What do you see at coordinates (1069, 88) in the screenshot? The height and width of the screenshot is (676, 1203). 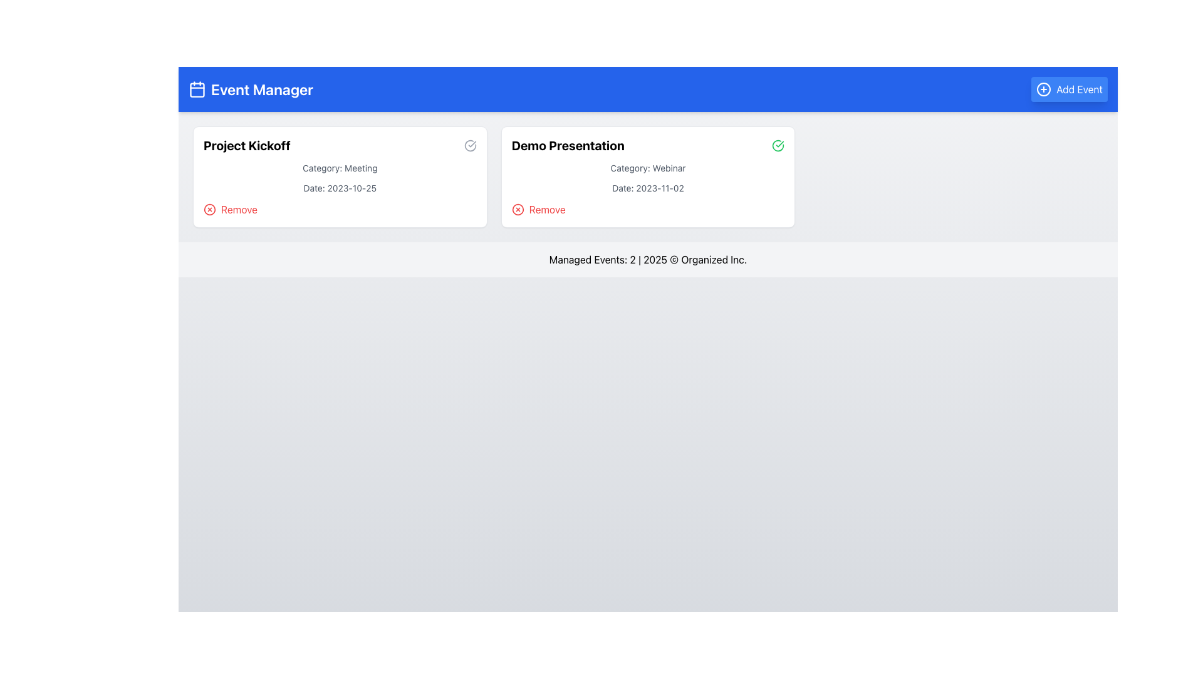 I see `the 'Add Event' button with a rounded shape, blue background, and white text` at bounding box center [1069, 88].